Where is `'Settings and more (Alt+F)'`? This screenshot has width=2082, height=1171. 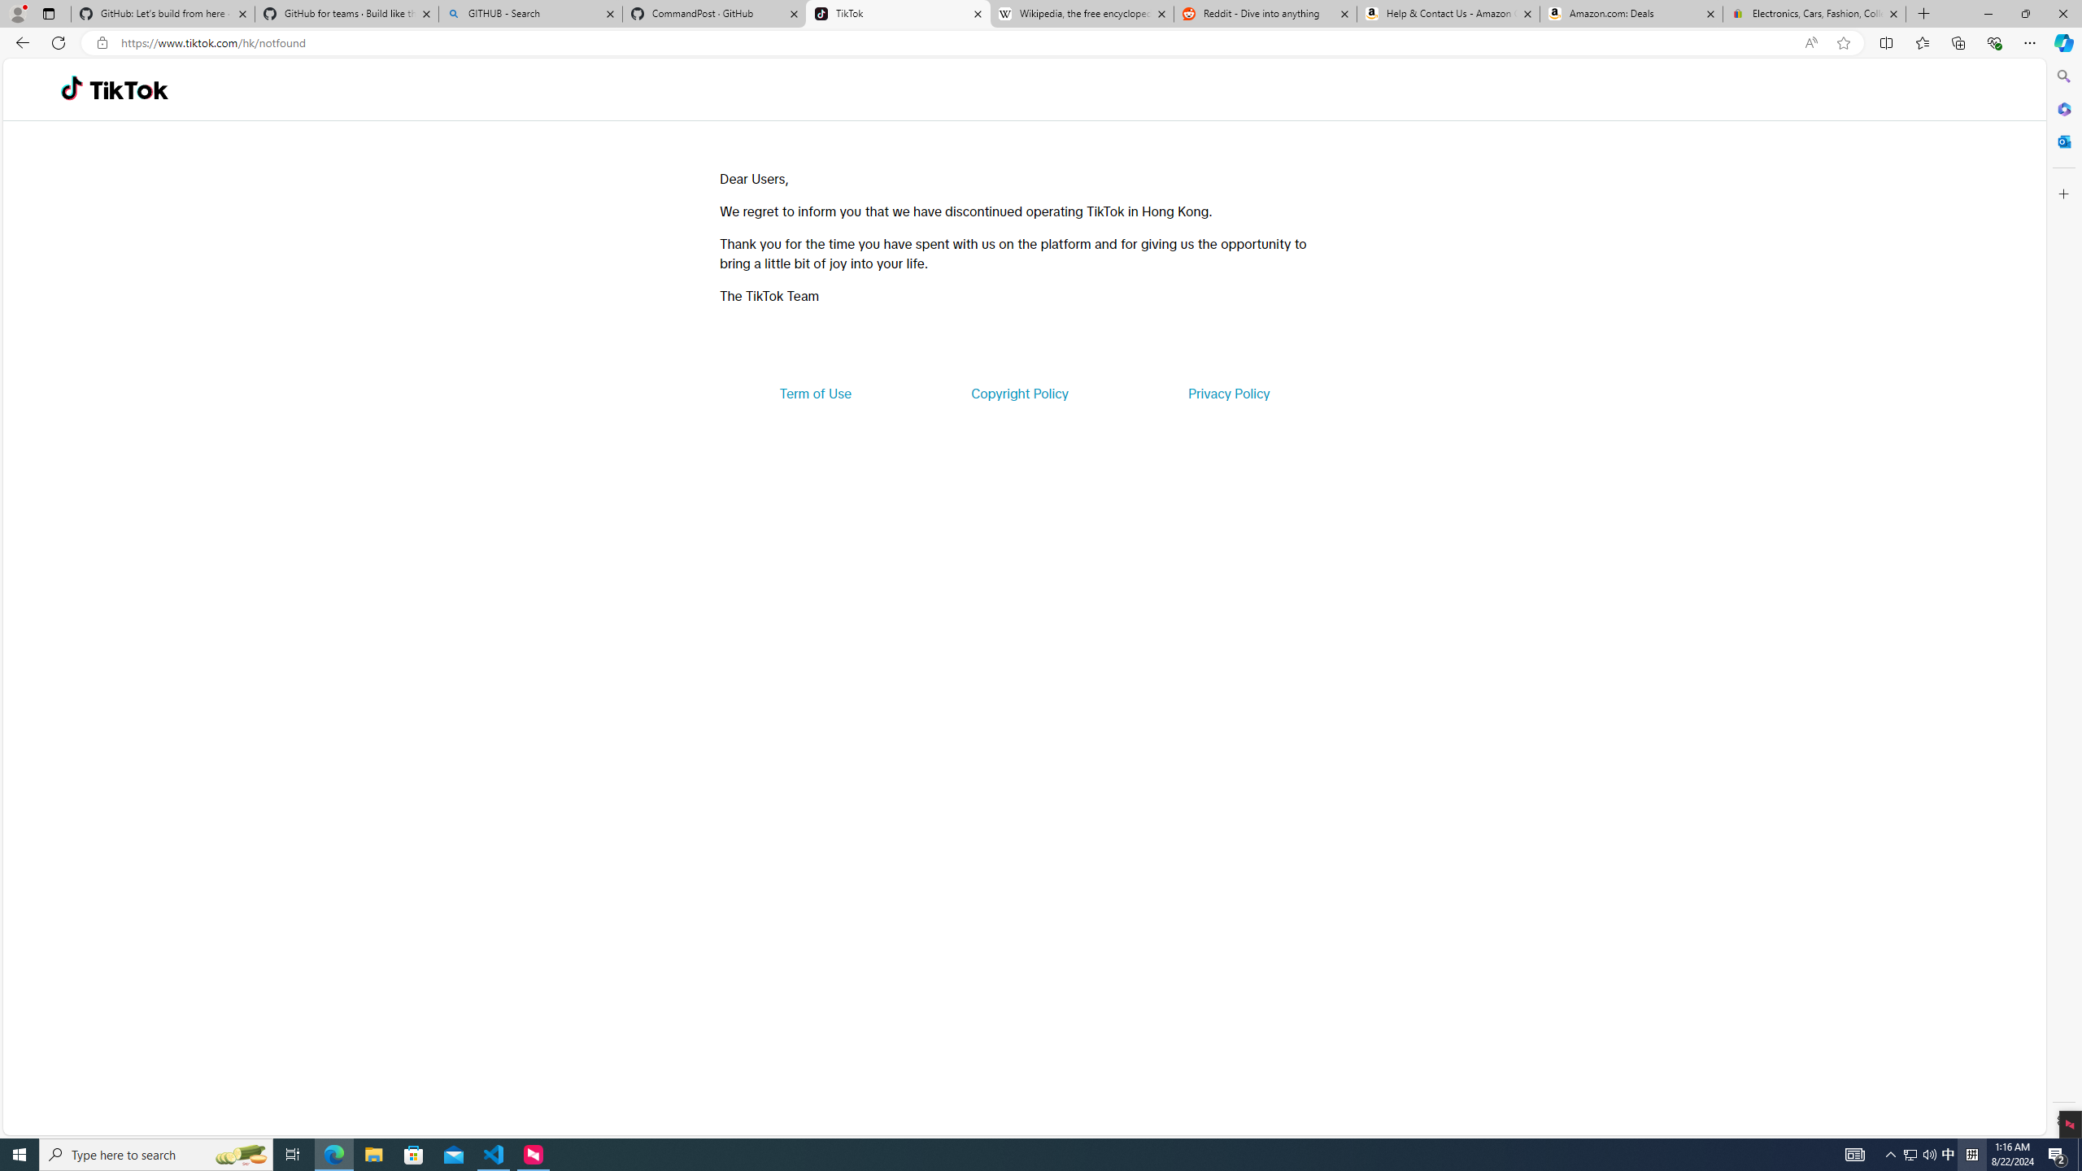 'Settings and more (Alt+F)' is located at coordinates (2029, 41).